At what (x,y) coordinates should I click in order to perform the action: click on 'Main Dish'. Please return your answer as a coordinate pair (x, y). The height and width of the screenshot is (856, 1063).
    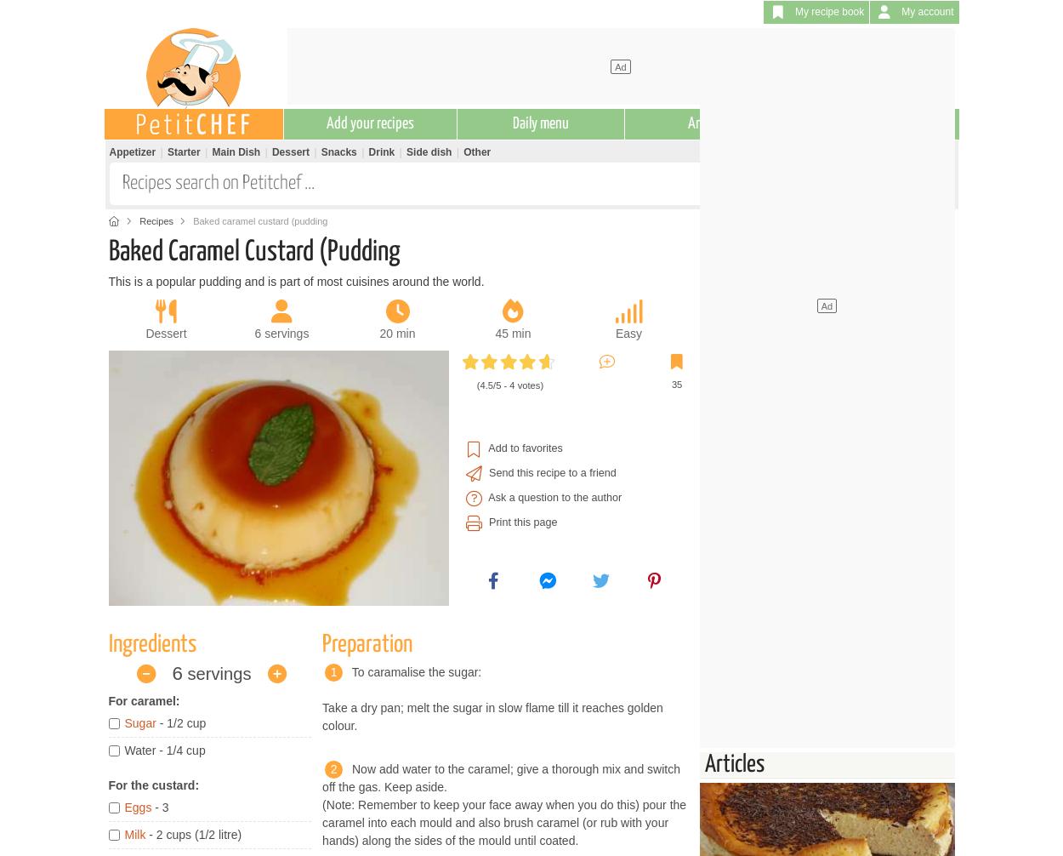
    Looking at the image, I should click on (236, 151).